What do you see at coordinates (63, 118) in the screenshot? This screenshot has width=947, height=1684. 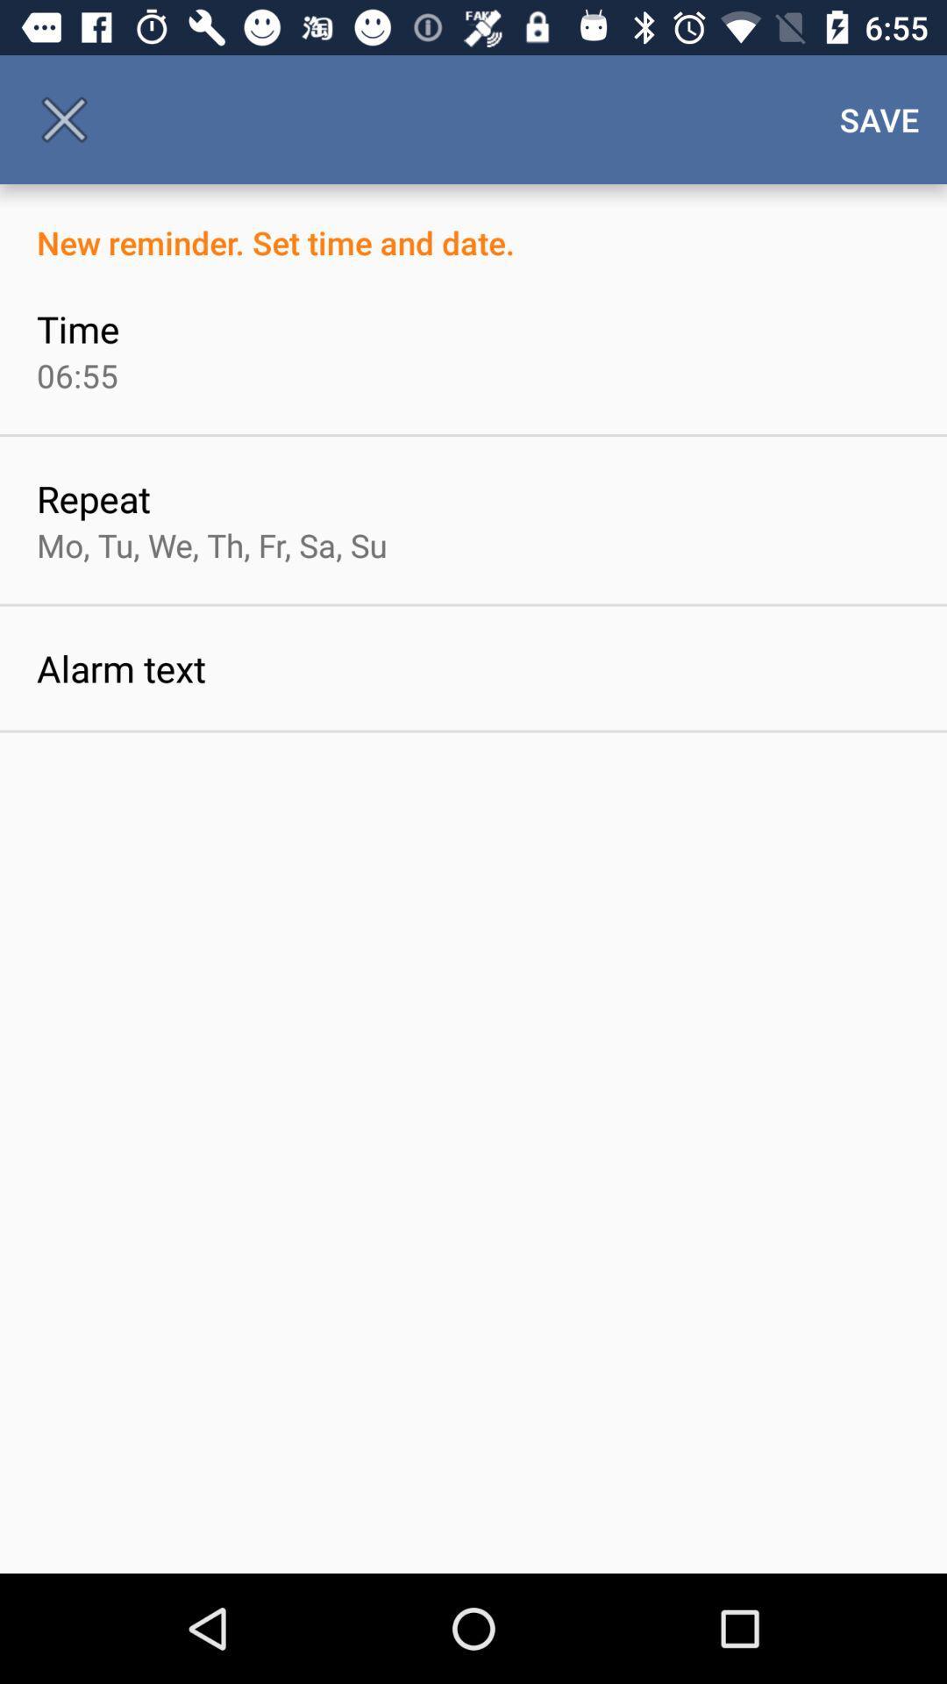 I see `the icon above new reminder set icon` at bounding box center [63, 118].